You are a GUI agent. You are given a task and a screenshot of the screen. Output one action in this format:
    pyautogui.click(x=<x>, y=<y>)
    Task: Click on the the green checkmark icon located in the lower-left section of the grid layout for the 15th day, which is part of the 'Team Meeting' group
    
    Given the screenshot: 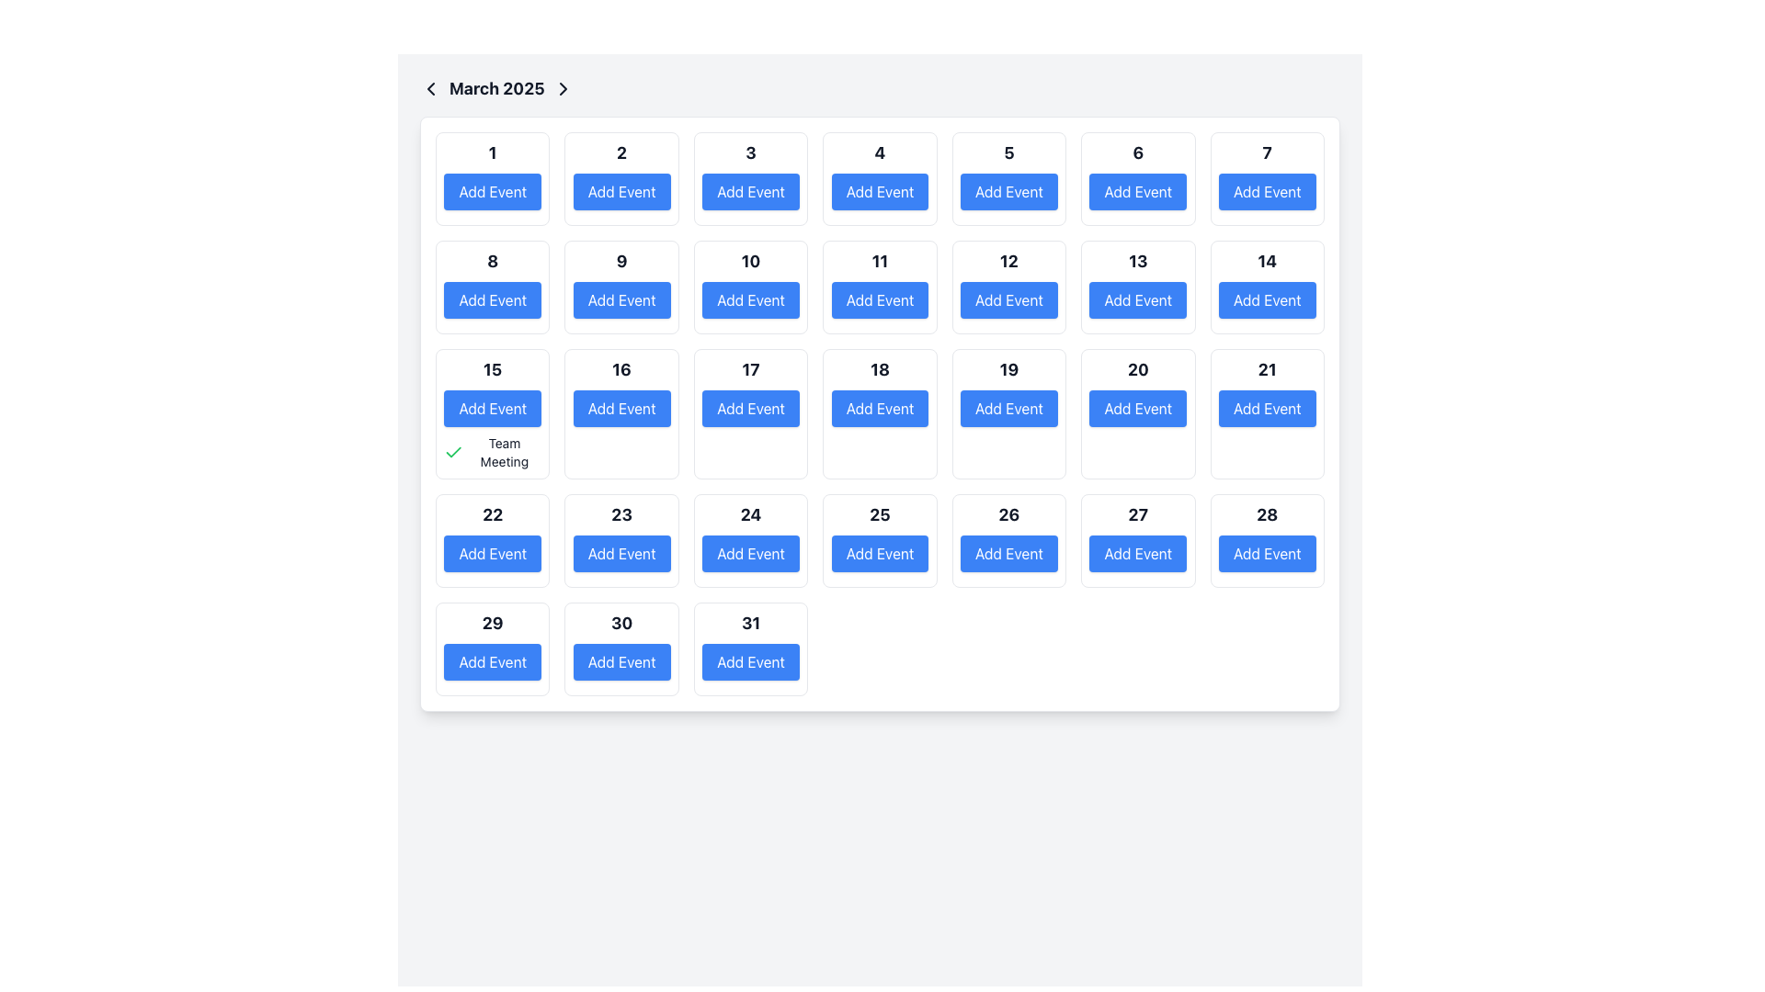 What is the action you would take?
    pyautogui.click(x=453, y=453)
    